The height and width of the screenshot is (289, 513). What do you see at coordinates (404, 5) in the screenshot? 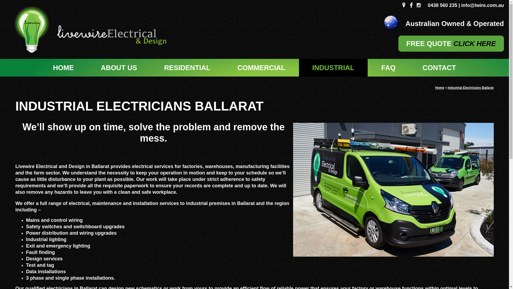
I see `'Our Location on Google maps'` at bounding box center [404, 5].